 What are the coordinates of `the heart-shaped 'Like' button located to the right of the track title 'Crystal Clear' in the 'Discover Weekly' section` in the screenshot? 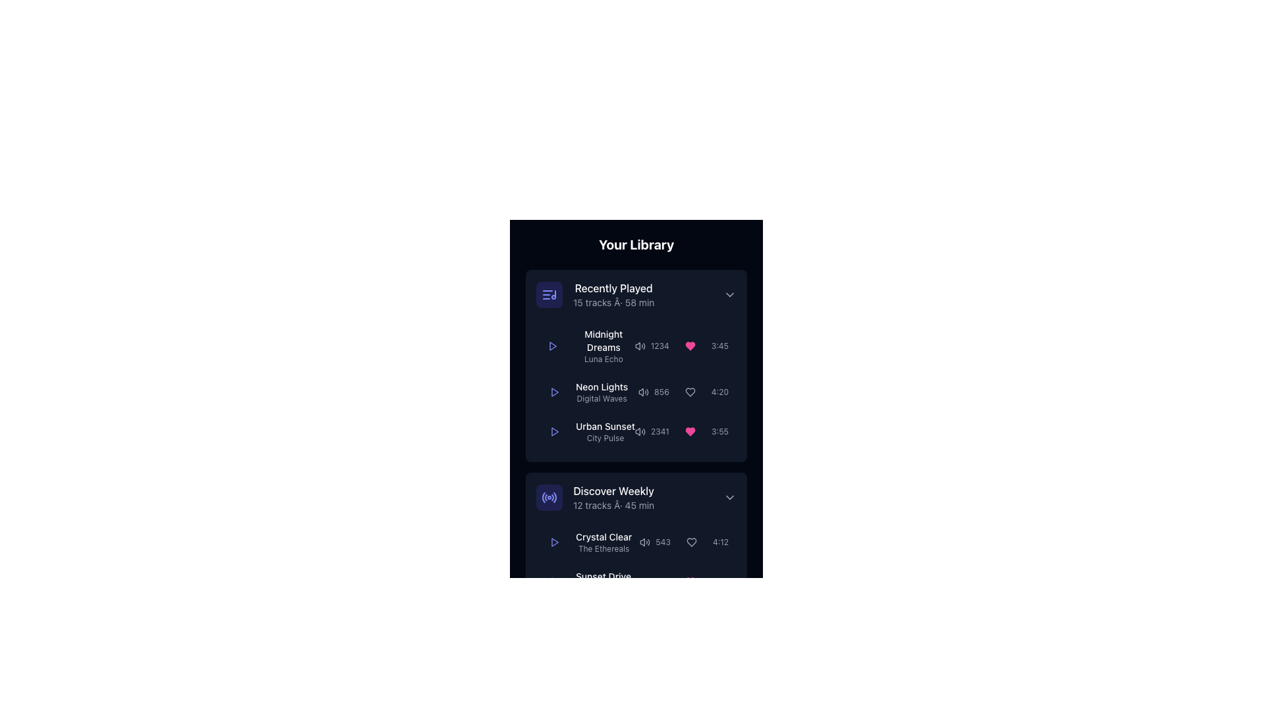 It's located at (690, 542).